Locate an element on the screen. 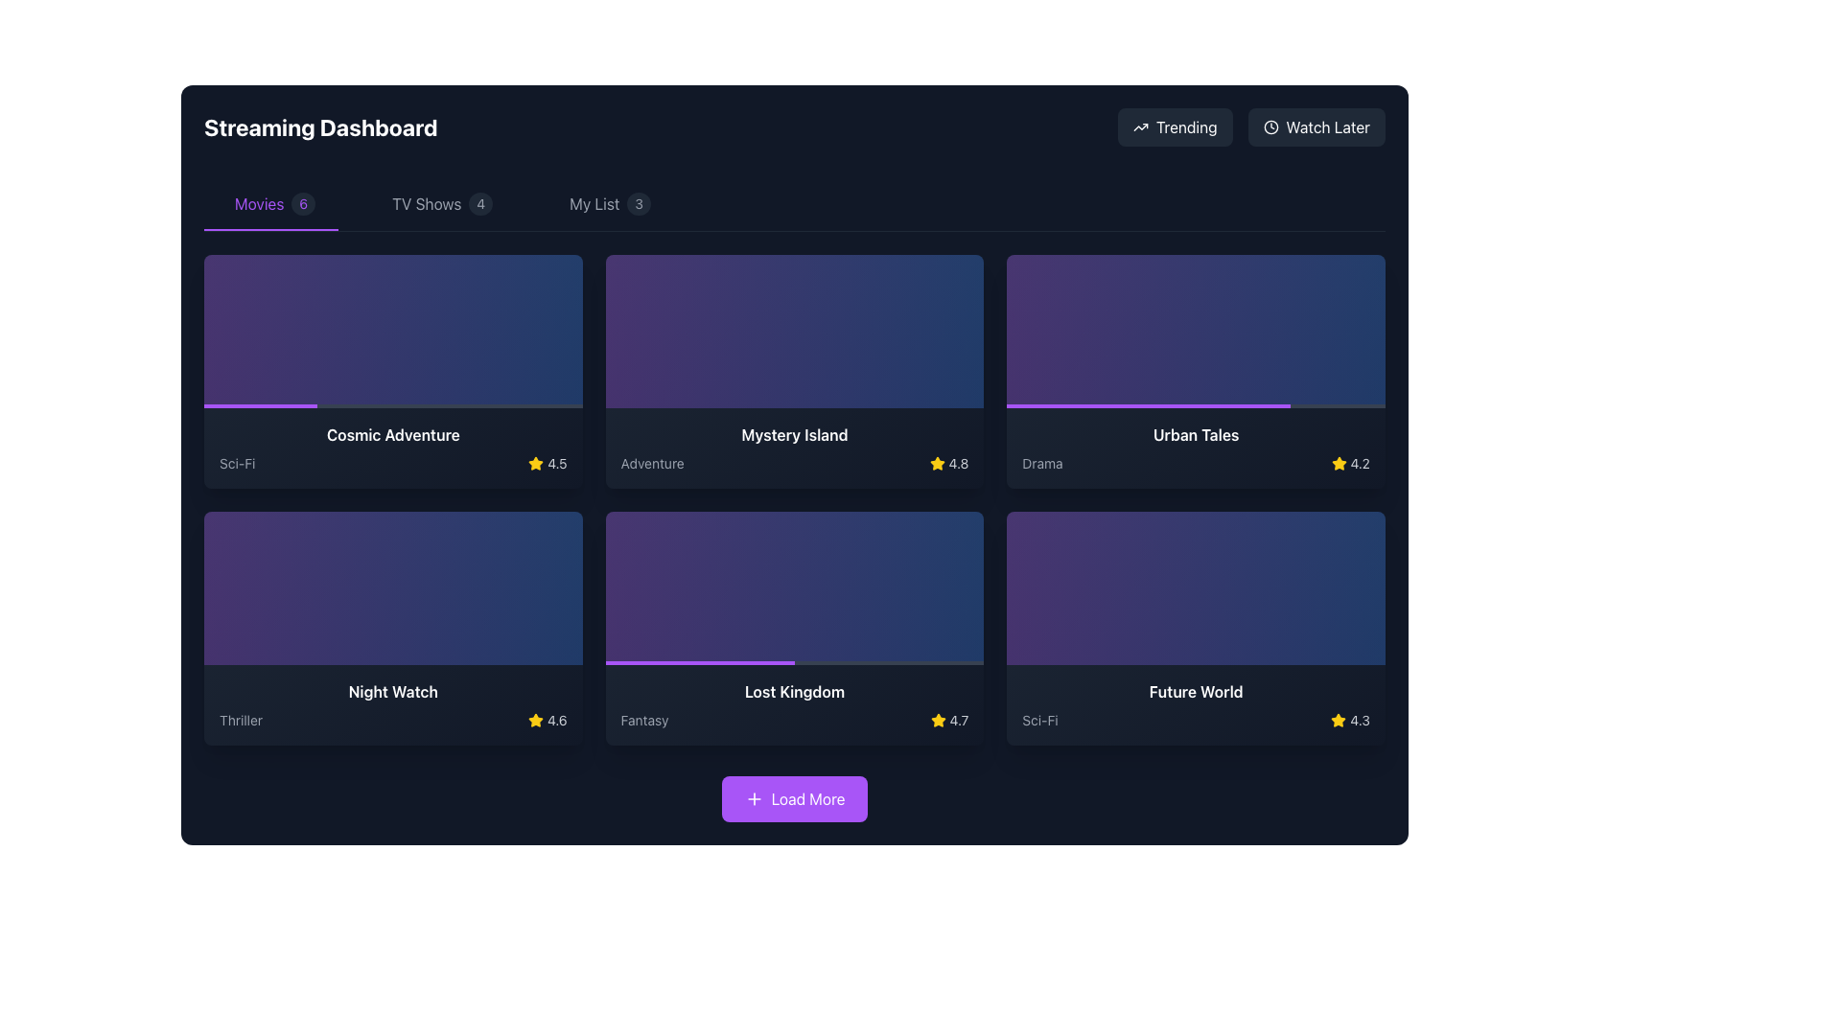  the 'My List' navigation link, which is the third option in the horizontal menu is located at coordinates (609, 203).